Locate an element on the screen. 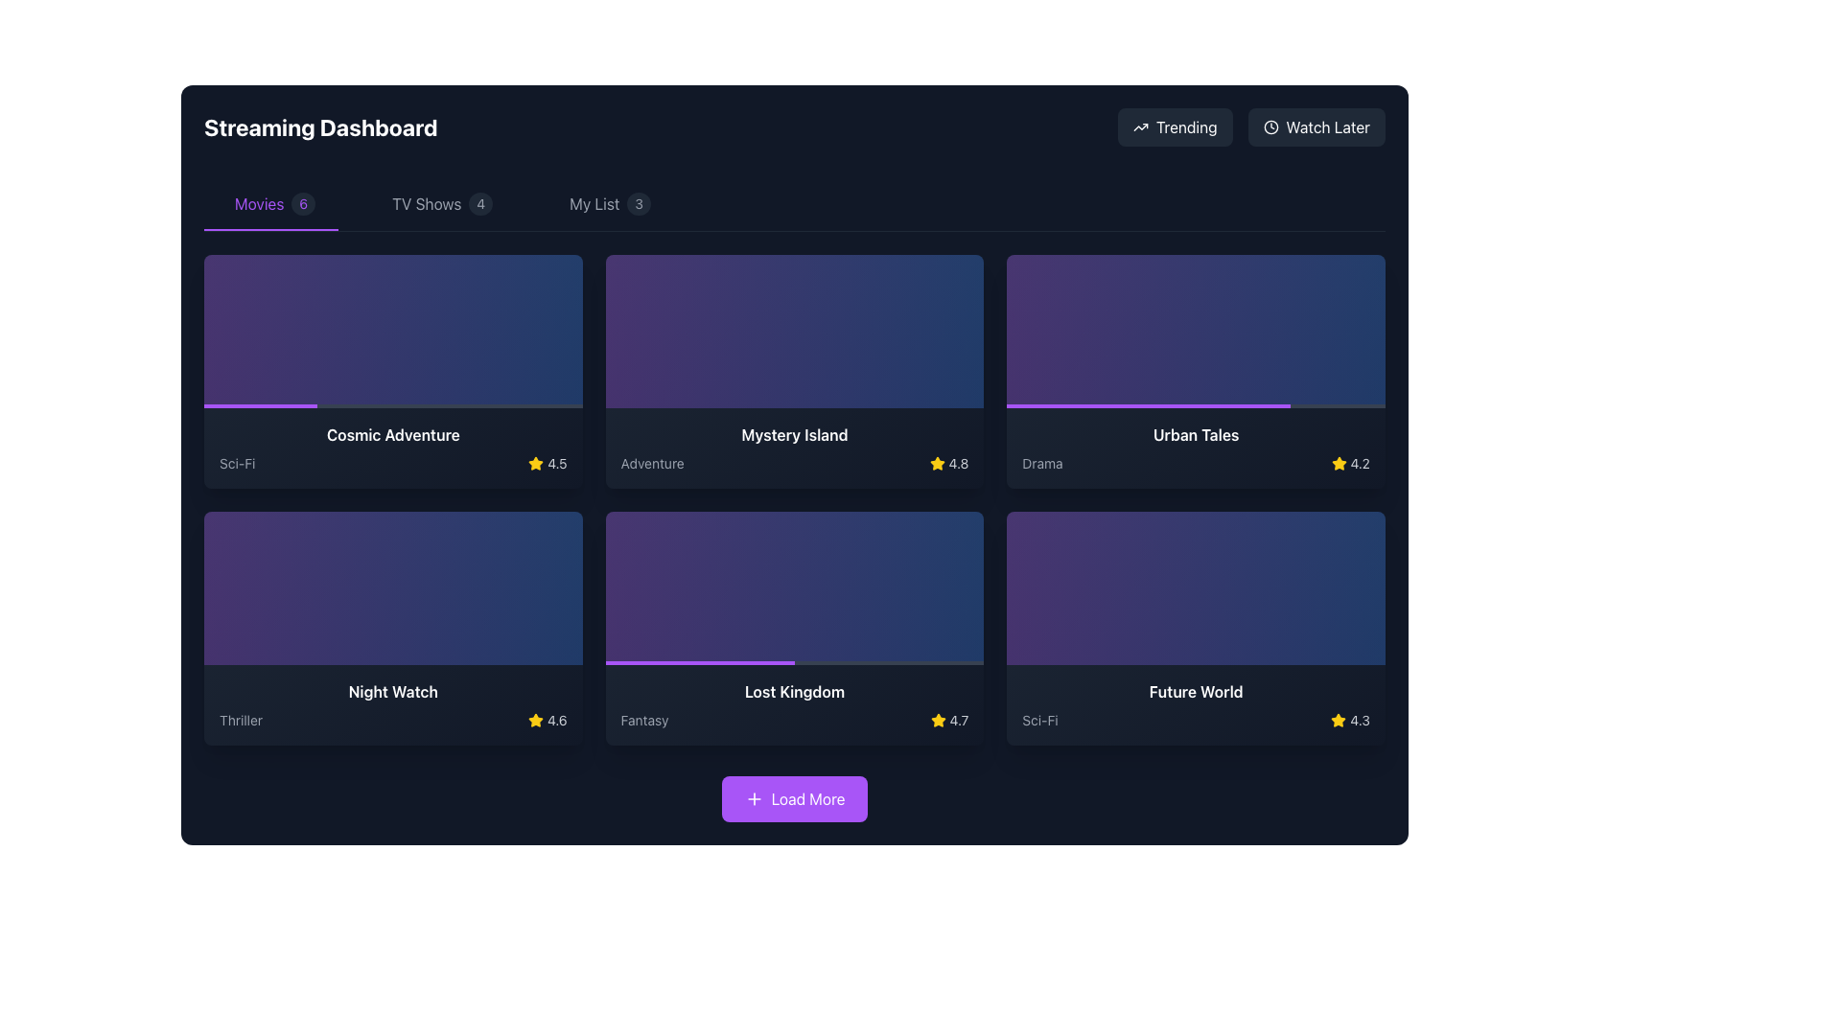  the 'My List' navigation link, which is the third option in the horizontal menu is located at coordinates (609, 203).